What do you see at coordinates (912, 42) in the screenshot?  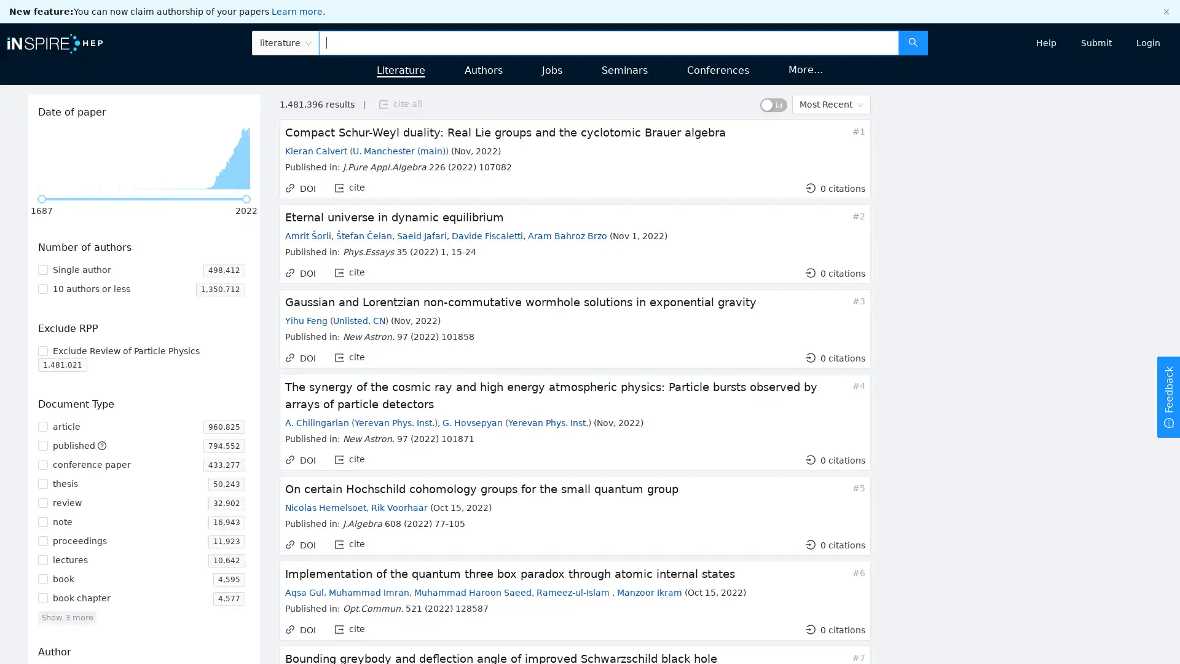 I see `search` at bounding box center [912, 42].